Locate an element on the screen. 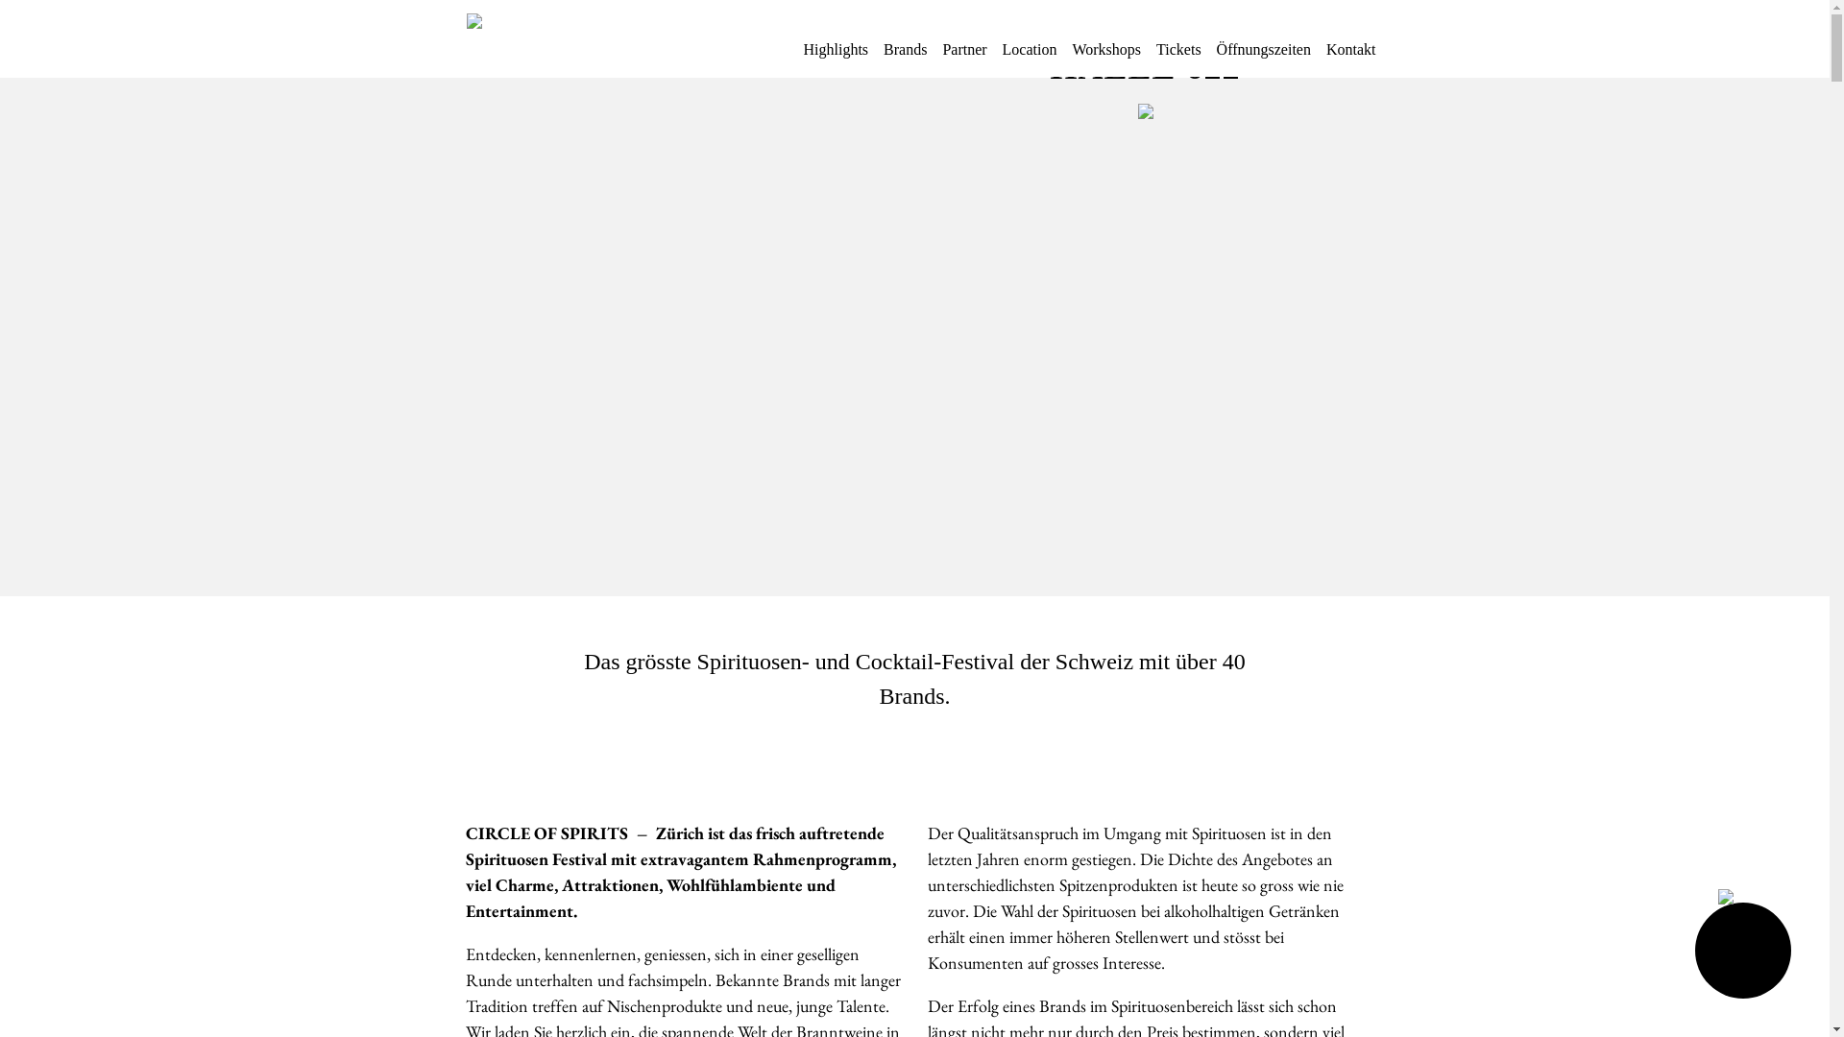  'Kontakt' is located at coordinates (1349, 57).